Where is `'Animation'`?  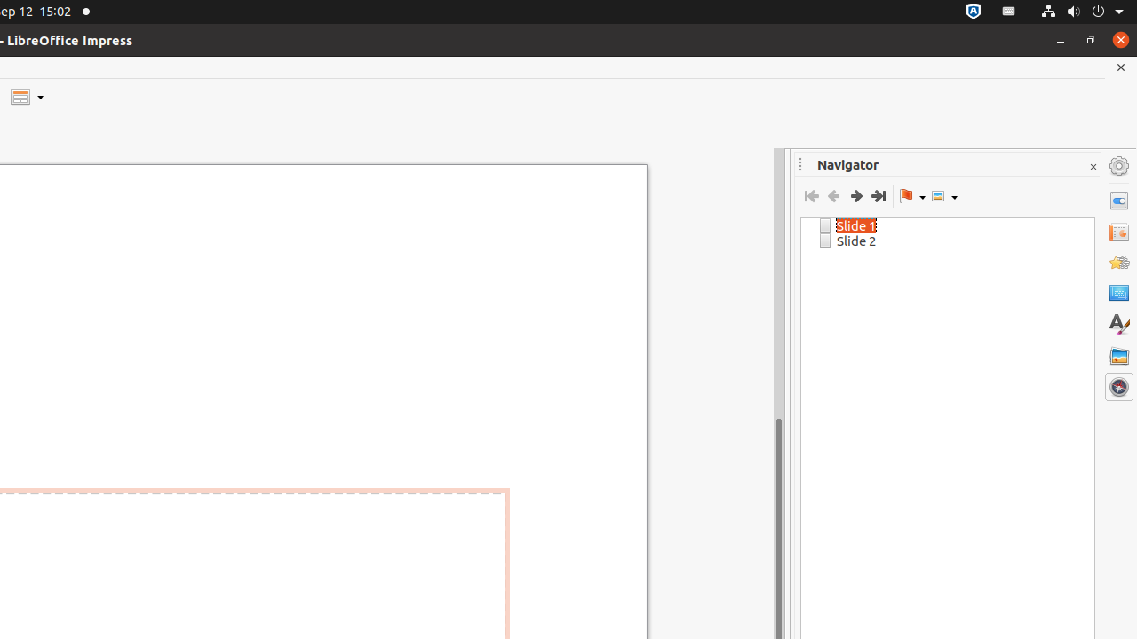 'Animation' is located at coordinates (1118, 262).